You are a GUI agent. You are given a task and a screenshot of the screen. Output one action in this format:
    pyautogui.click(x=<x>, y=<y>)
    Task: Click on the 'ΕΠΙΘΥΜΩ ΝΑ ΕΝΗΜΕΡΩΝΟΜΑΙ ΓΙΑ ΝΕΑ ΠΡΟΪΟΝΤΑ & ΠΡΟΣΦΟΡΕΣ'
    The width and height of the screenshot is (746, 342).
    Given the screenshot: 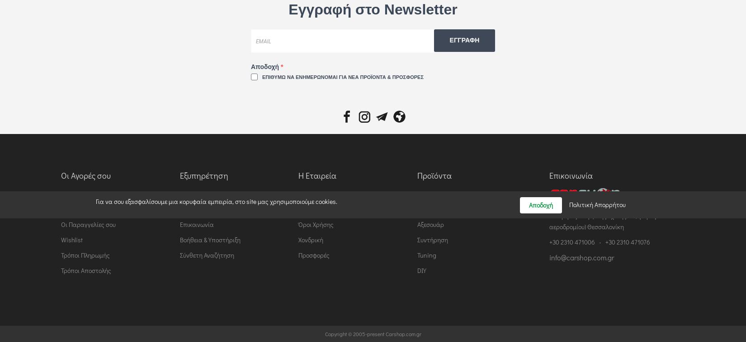 What is the action you would take?
    pyautogui.click(x=342, y=76)
    